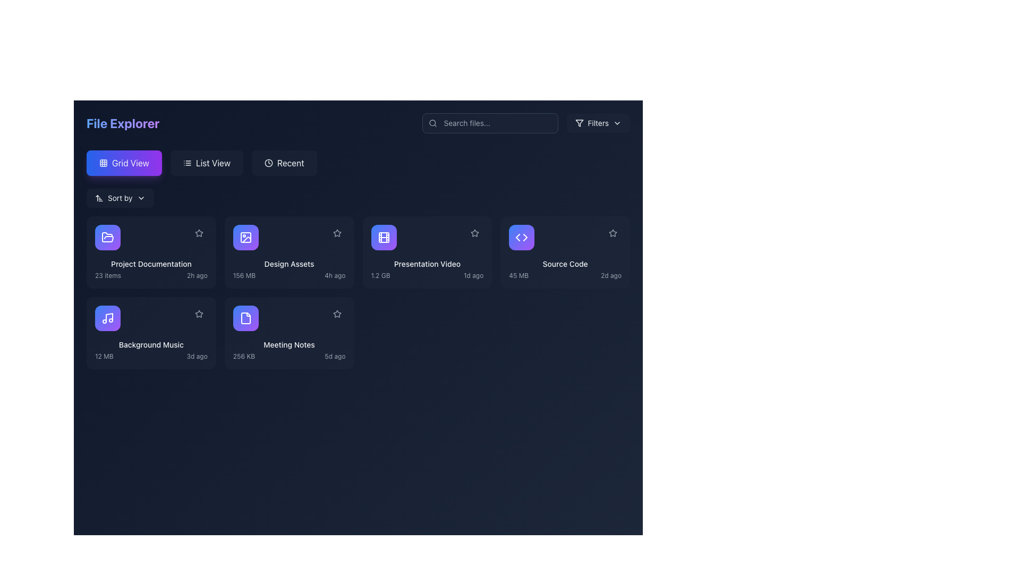 The image size is (1020, 574). Describe the element at coordinates (432, 122) in the screenshot. I see `the dark gray magnifying glass icon located to the left of the search input field in the search bar to initiate the search` at that location.